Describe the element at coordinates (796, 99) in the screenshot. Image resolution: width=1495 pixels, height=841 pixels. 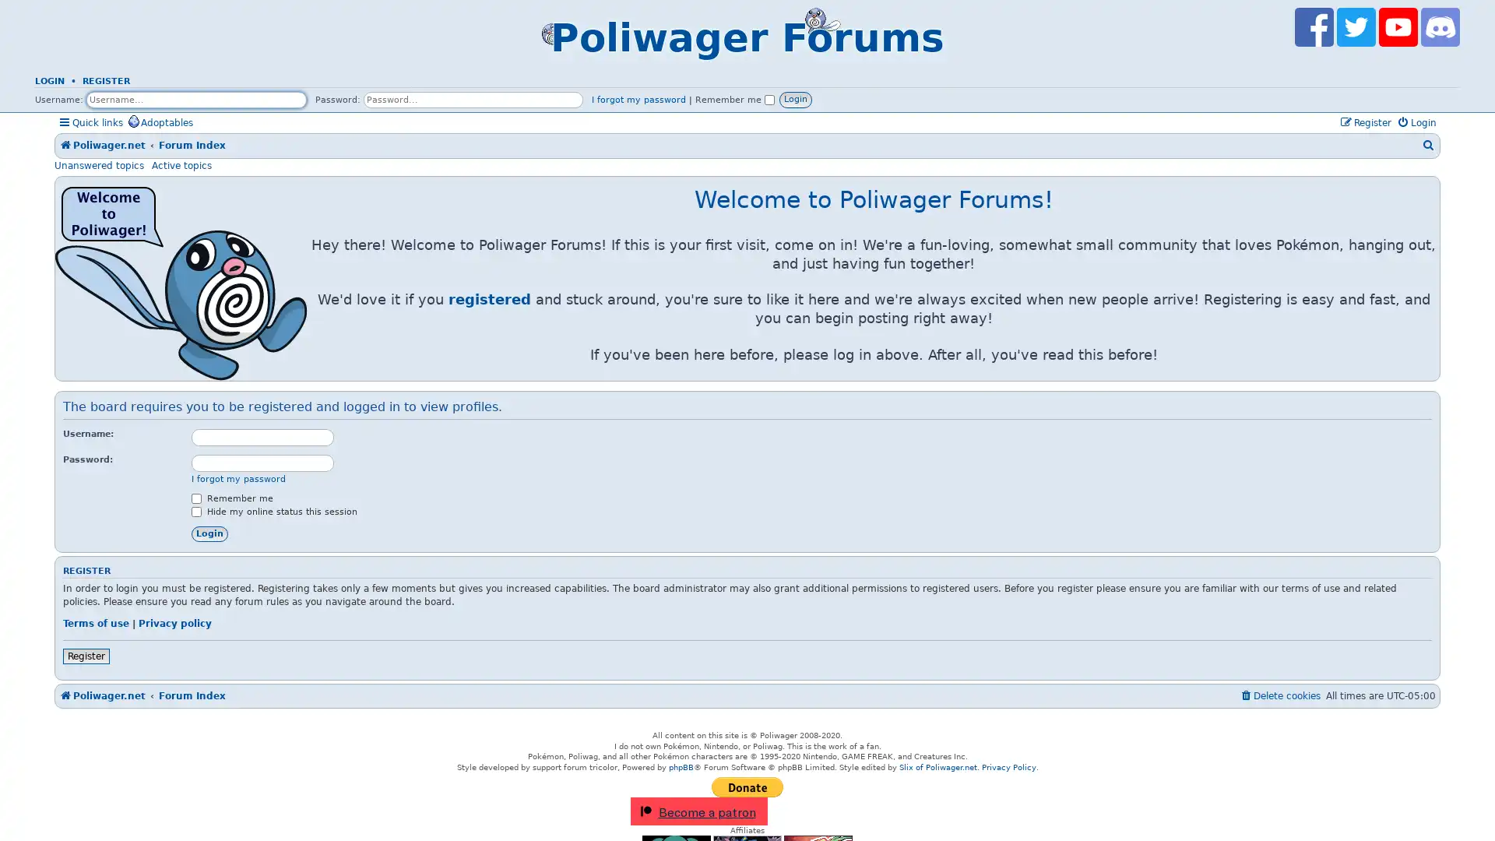
I see `Login` at that location.